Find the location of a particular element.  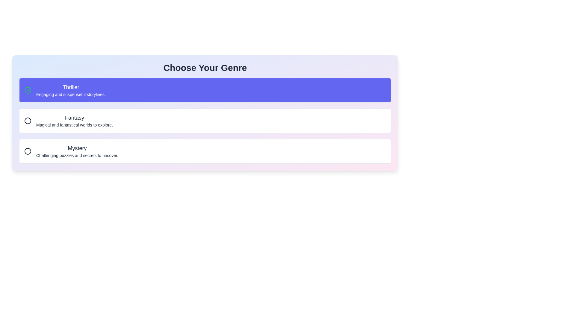

the checkmark icon that indicates the selection state of the 'Thriller' genre option, which is enclosed within a green circle and positioned to the left of the text 'Thriller' is located at coordinates (28, 89).